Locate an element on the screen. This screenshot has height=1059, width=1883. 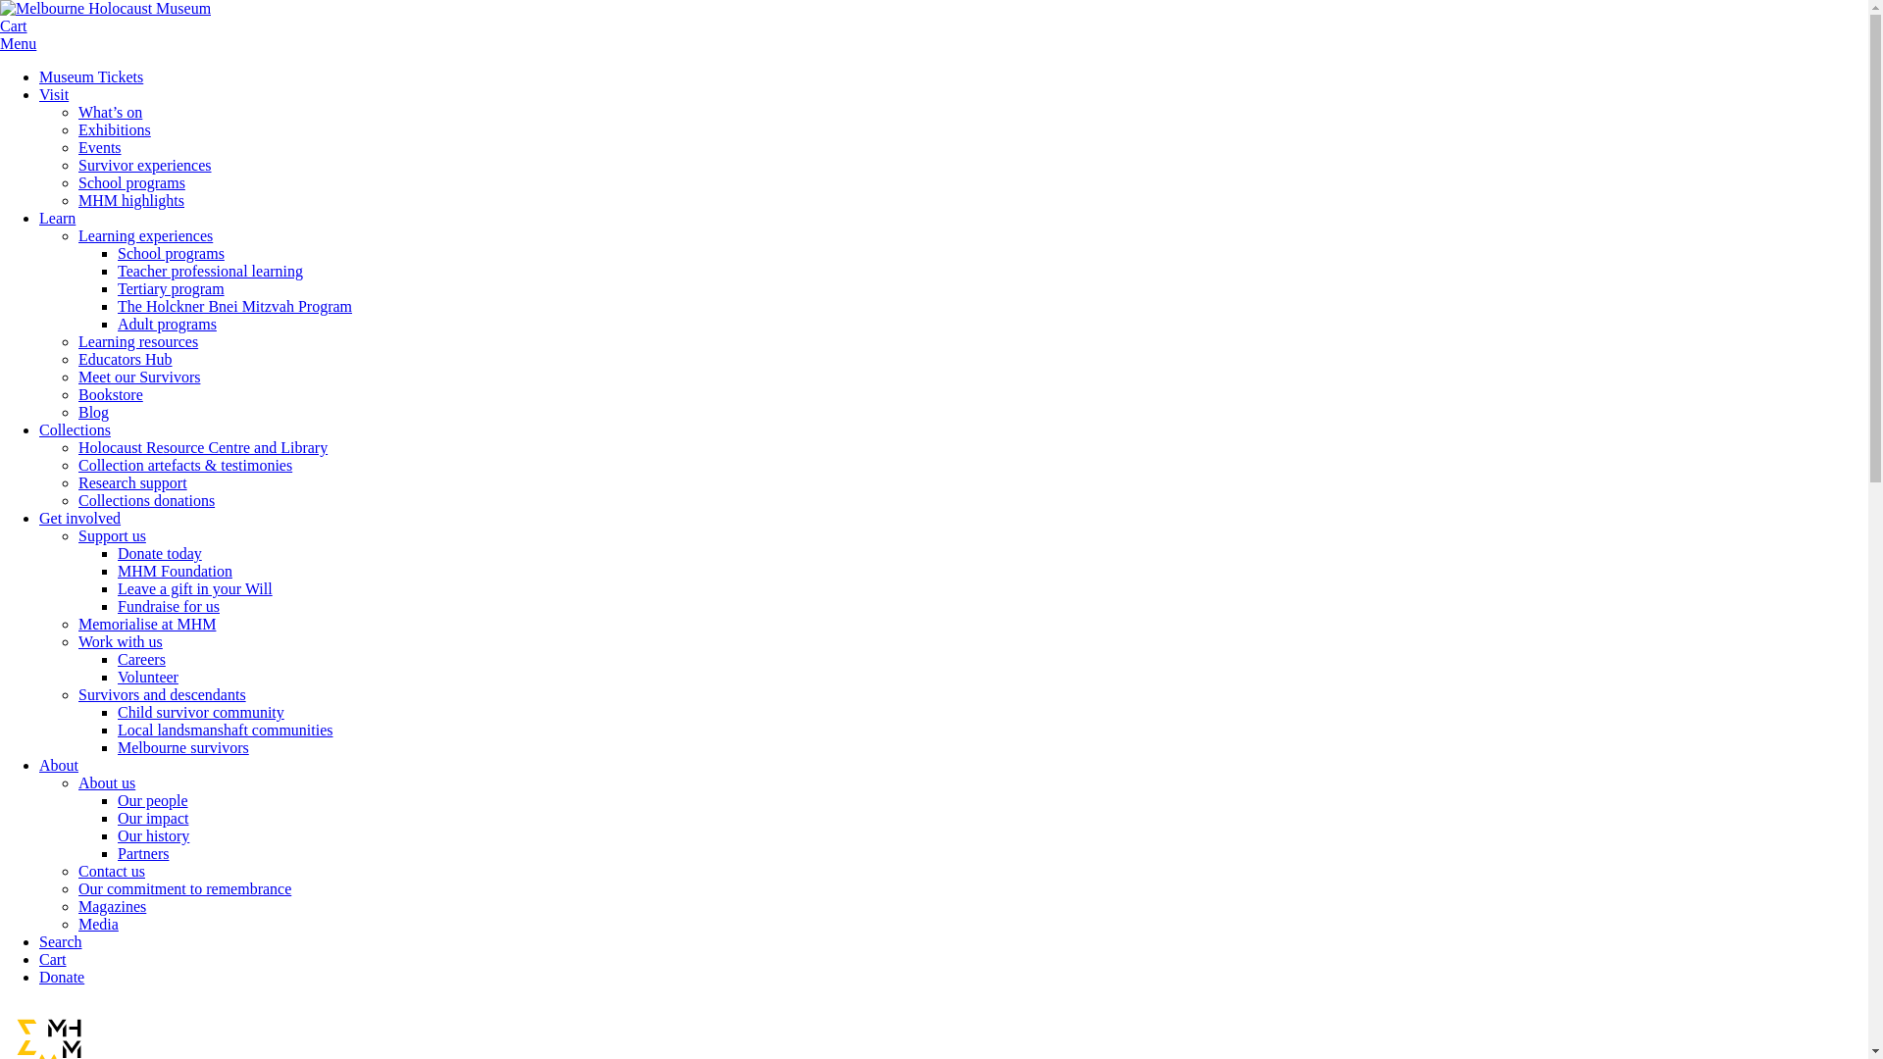
'Learn' is located at coordinates (57, 218).